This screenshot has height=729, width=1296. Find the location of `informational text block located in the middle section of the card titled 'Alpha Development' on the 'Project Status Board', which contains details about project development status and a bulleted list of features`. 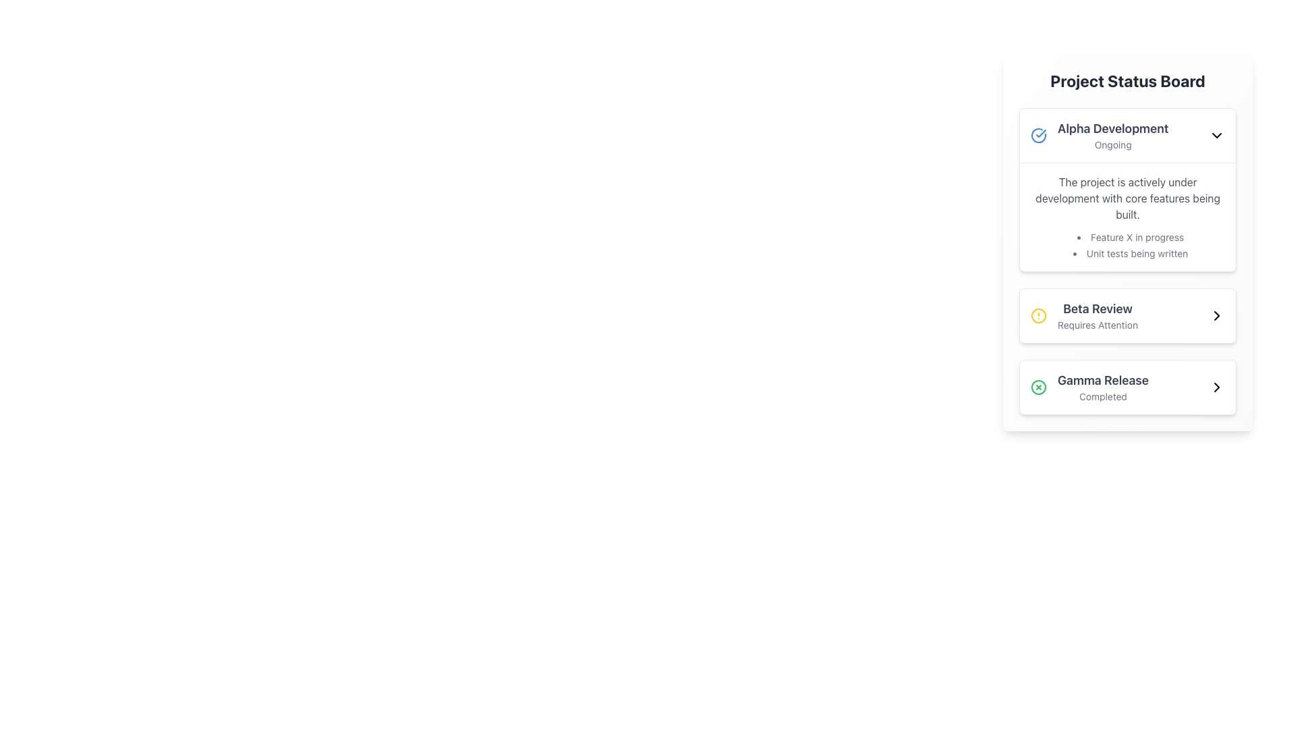

informational text block located in the middle section of the card titled 'Alpha Development' on the 'Project Status Board', which contains details about project development status and a bulleted list of features is located at coordinates (1127, 215).